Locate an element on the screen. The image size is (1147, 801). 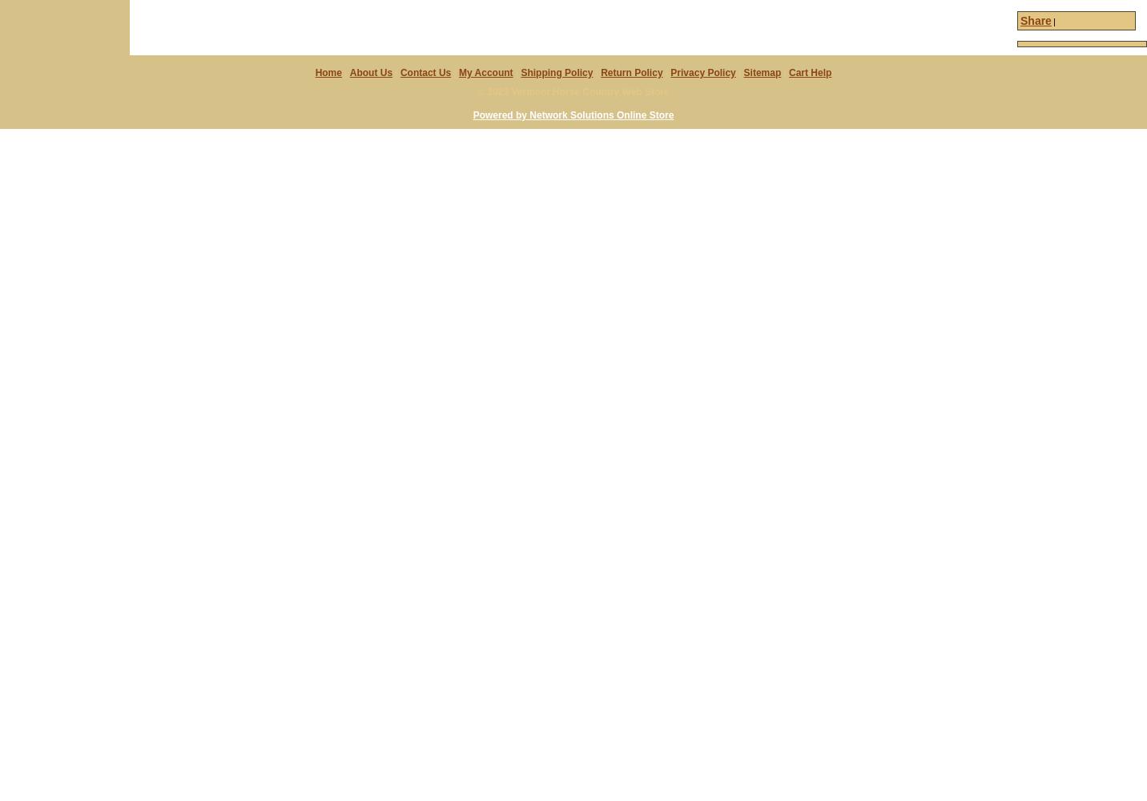
'Cart Help' is located at coordinates (810, 71).